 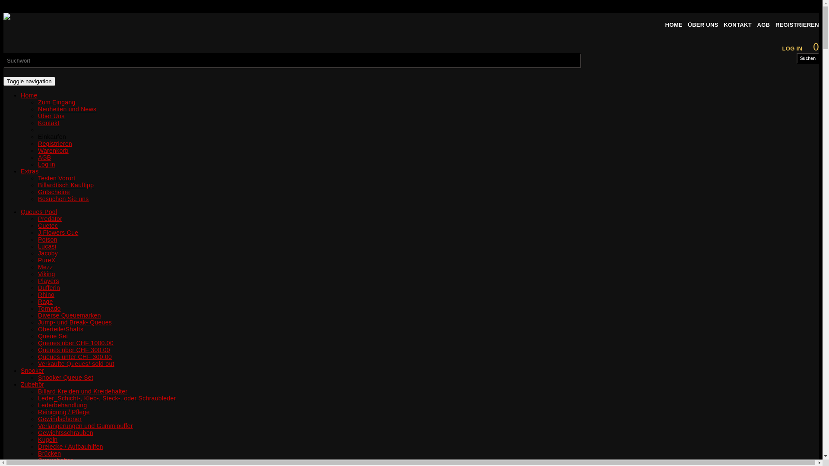 I want to click on 'Neuheiten und News', so click(x=37, y=109).